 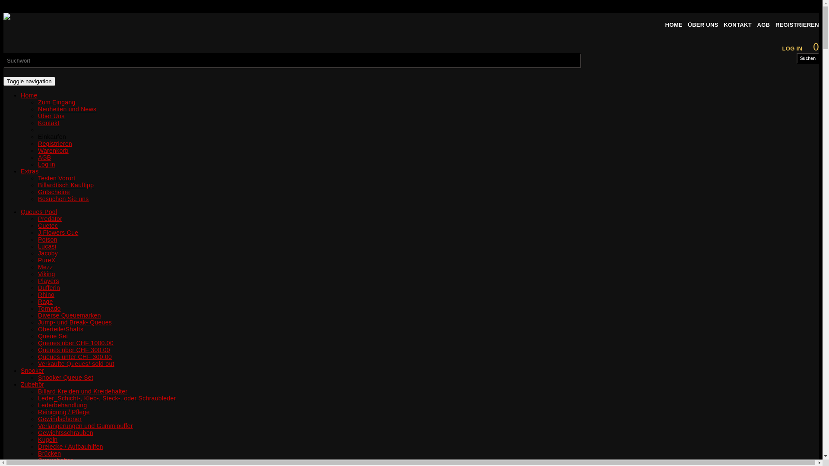 I want to click on 'Neuheiten und News', so click(x=37, y=109).